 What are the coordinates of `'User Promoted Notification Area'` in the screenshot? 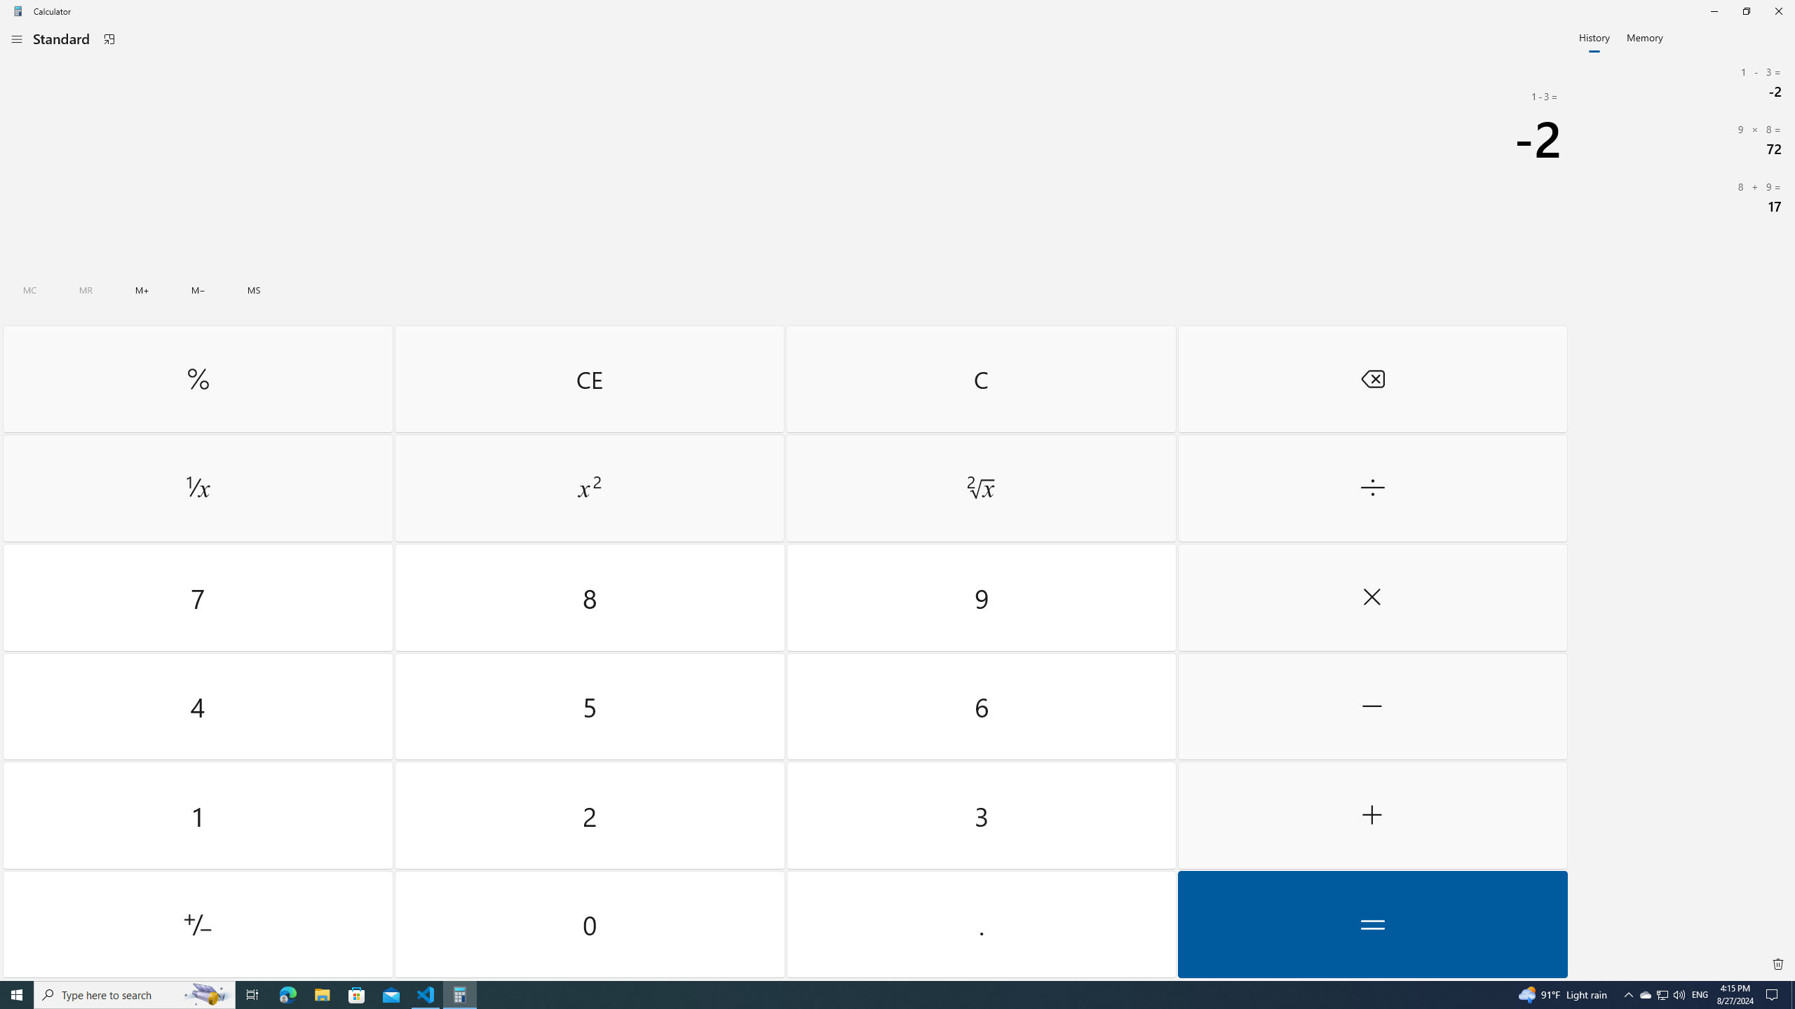 It's located at (1661, 994).